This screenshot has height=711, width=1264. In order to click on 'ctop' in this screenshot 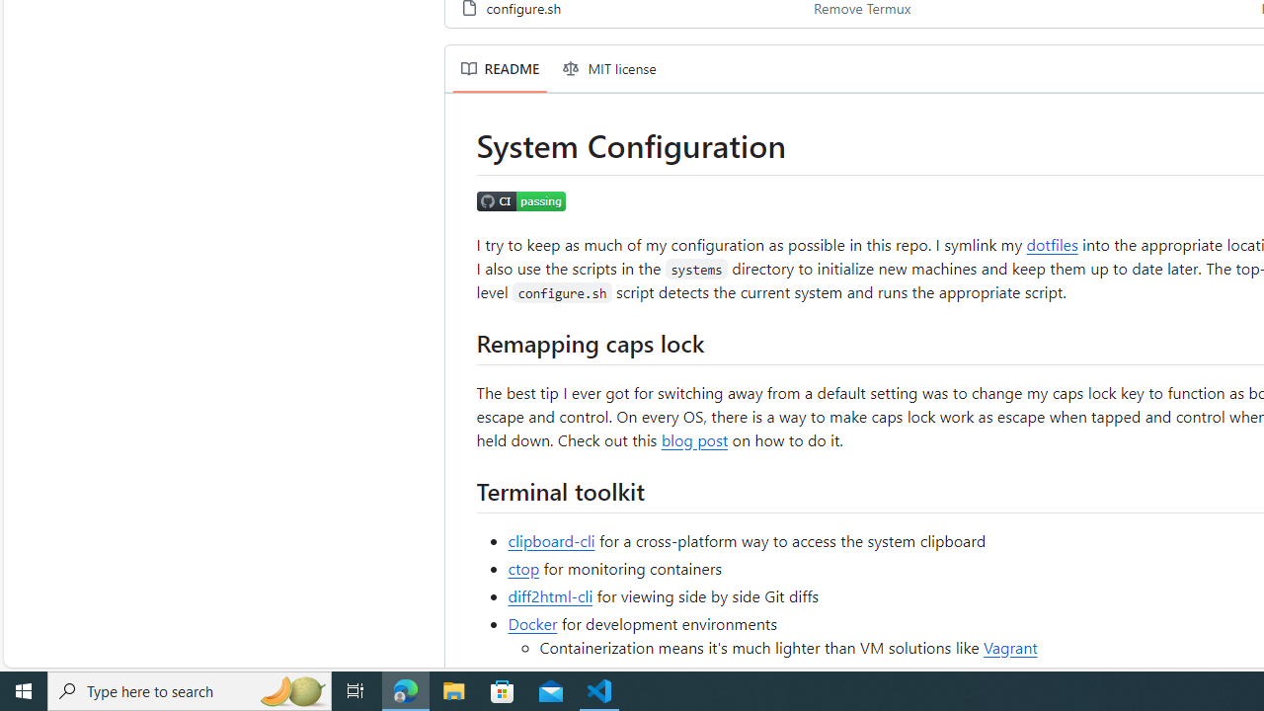, I will do `click(523, 567)`.